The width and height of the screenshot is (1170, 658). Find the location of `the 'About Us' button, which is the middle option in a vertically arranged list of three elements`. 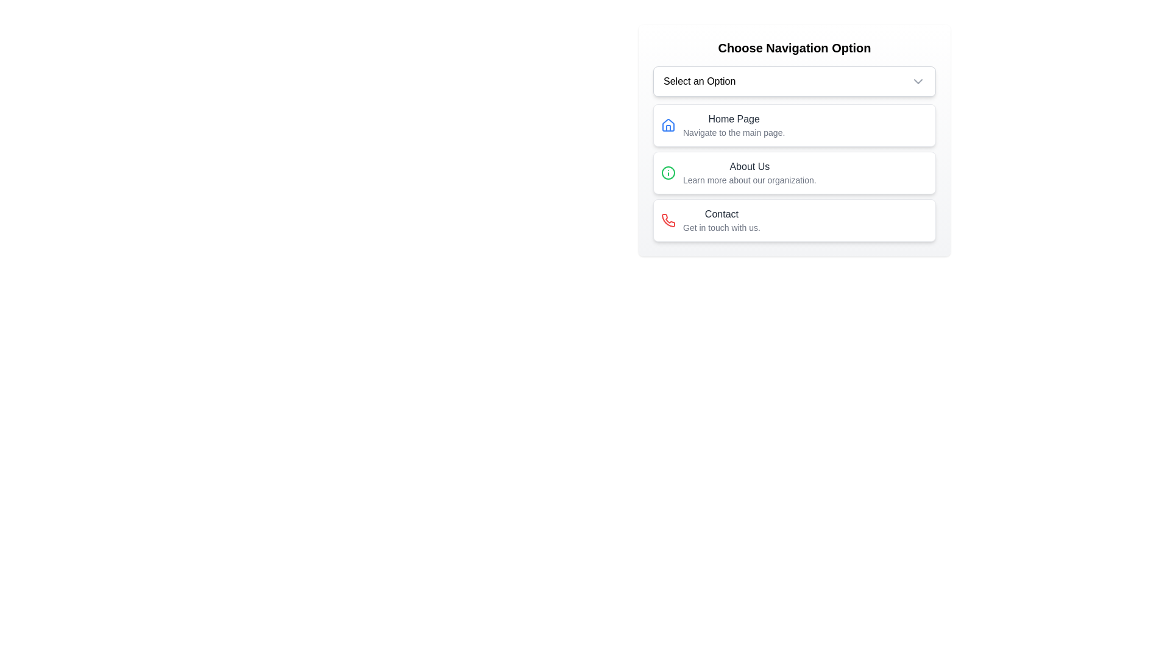

the 'About Us' button, which is the middle option in a vertically arranged list of three elements is located at coordinates (795, 173).